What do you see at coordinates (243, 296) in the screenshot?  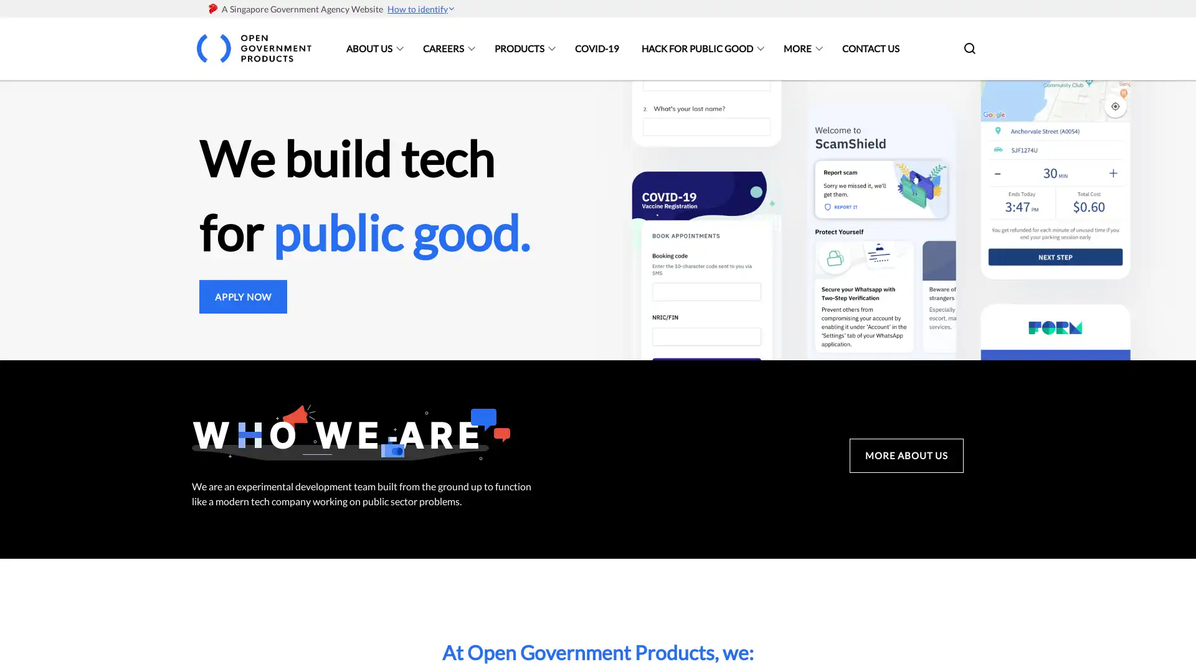 I see `APPLY NOW` at bounding box center [243, 296].